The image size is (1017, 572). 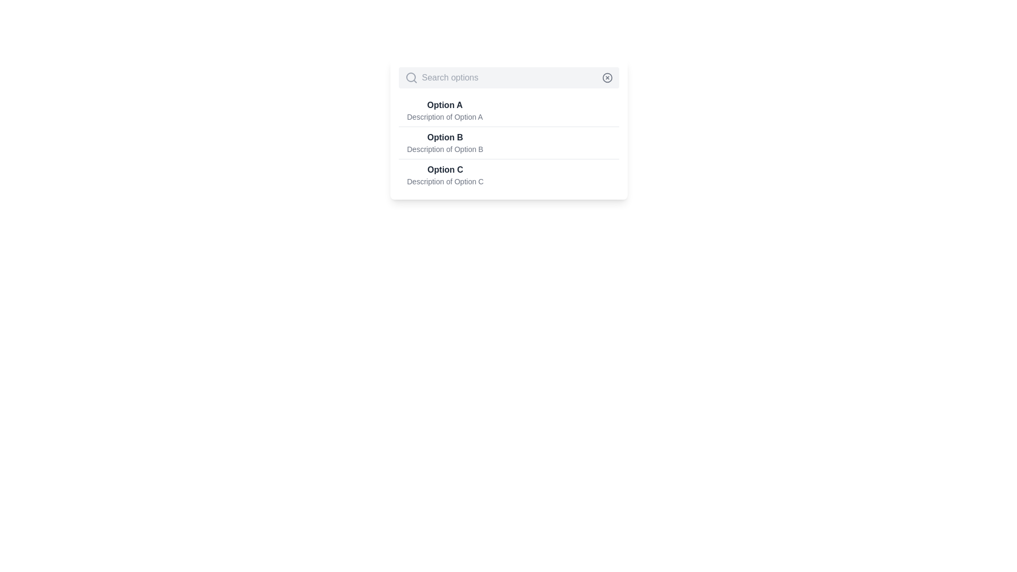 What do you see at coordinates (445, 117) in the screenshot?
I see `the text label providing supplementary details for 'Option A', which is located directly below the 'Option A' element in a vertical list of options` at bounding box center [445, 117].